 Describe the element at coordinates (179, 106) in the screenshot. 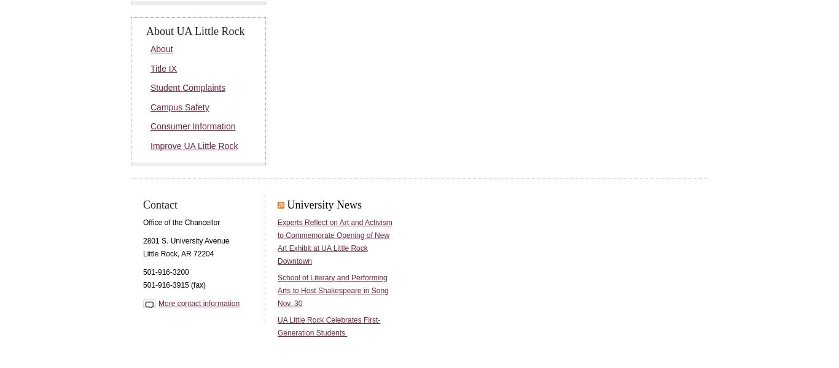

I see `'Campus Safety'` at that location.